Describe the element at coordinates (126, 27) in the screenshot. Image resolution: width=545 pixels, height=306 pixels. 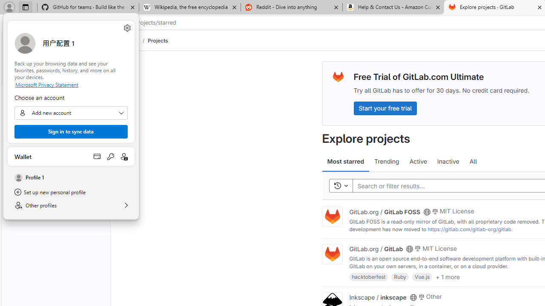
I see `'Manage profile settings'` at that location.